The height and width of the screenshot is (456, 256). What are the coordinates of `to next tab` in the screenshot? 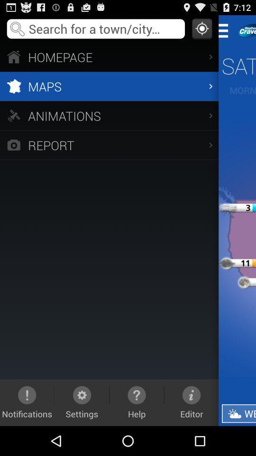 It's located at (245, 30).